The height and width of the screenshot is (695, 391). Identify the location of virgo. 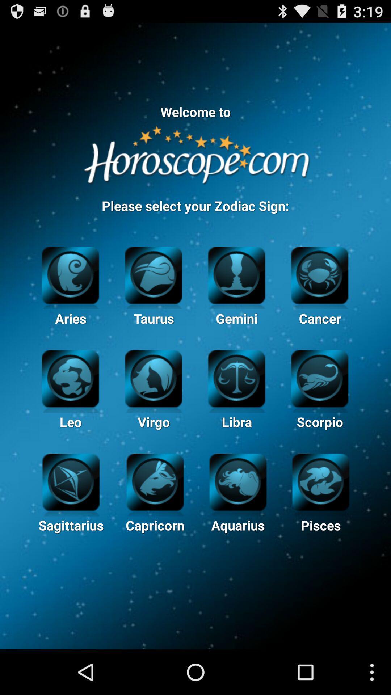
(153, 377).